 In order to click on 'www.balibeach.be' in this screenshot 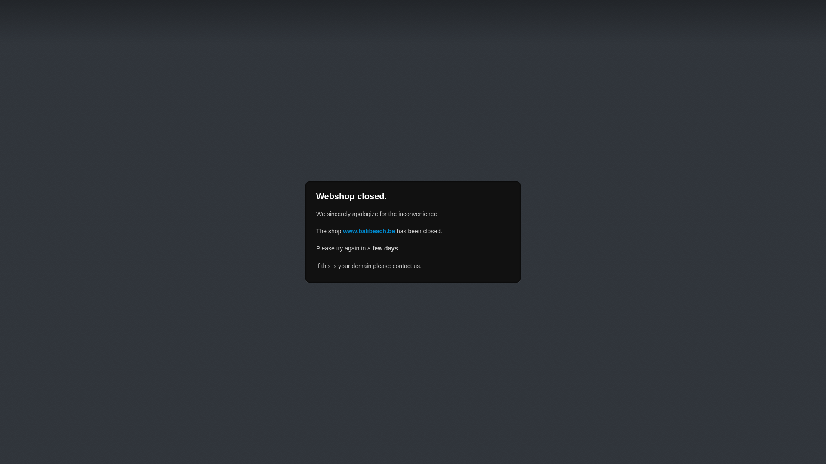, I will do `click(369, 230)`.